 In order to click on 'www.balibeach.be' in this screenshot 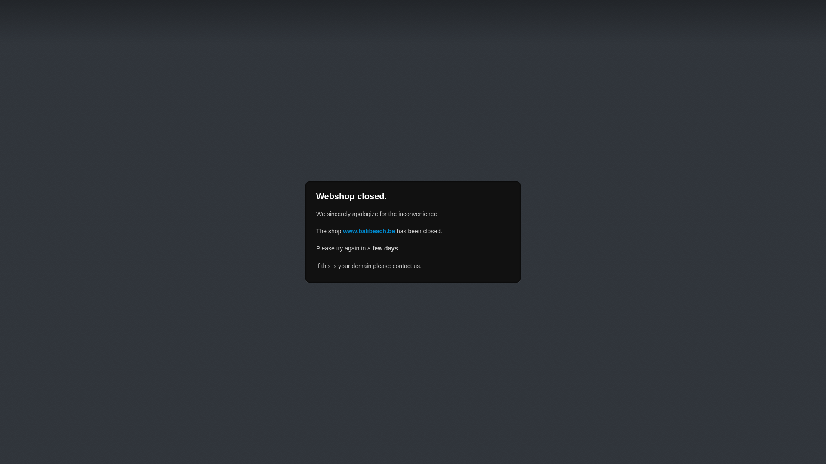, I will do `click(369, 230)`.